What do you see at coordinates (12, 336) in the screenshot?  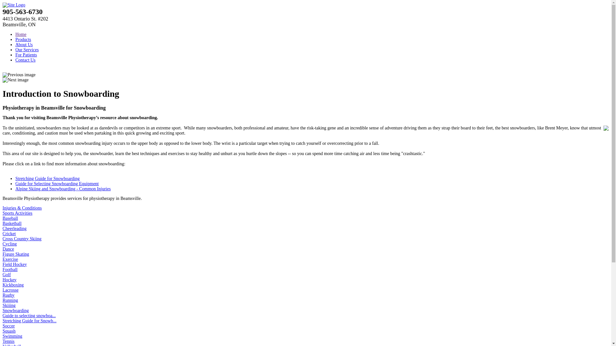 I see `'Swimming'` at bounding box center [12, 336].